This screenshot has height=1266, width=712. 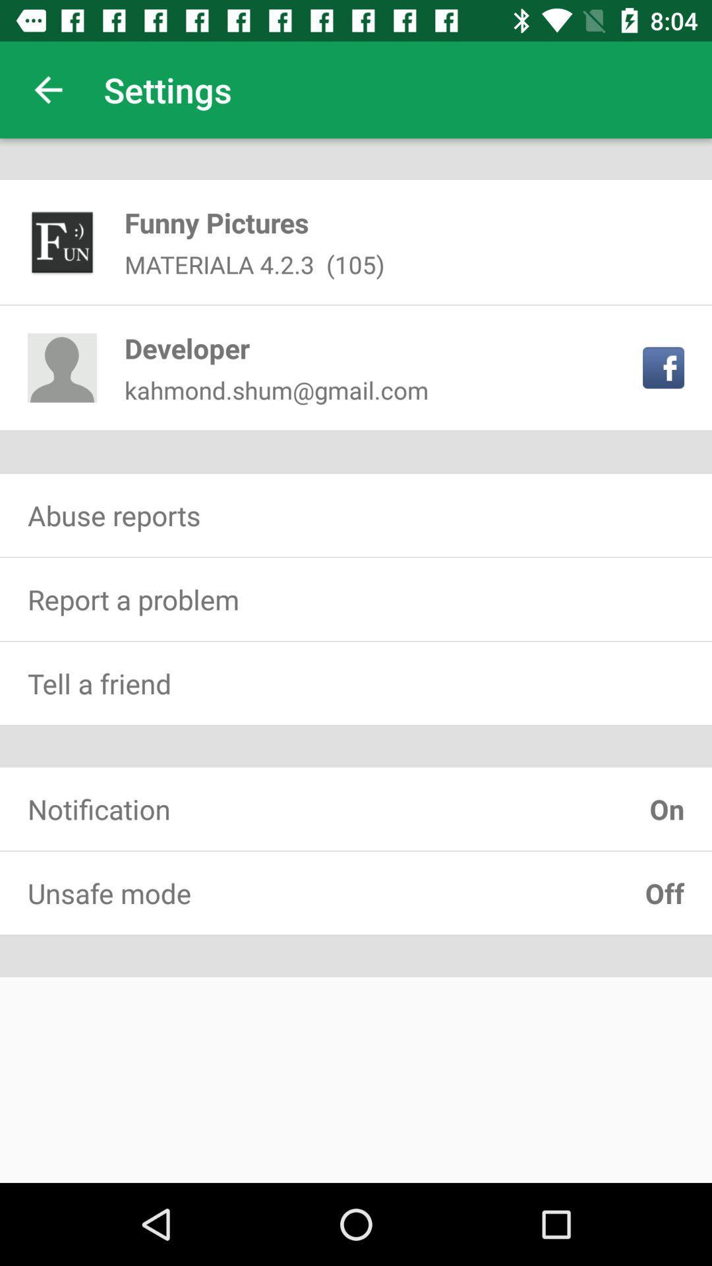 What do you see at coordinates (47, 89) in the screenshot?
I see `item next to the settings item` at bounding box center [47, 89].